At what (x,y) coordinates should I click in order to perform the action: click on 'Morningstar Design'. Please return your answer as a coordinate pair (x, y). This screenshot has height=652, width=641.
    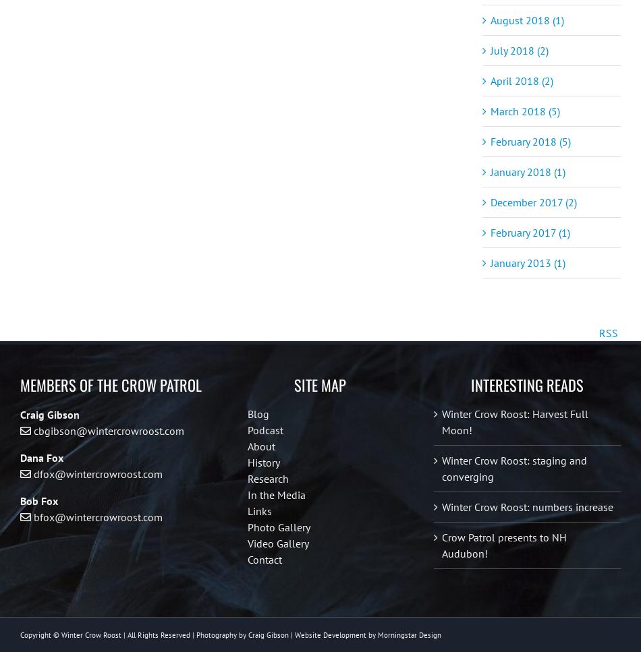
    Looking at the image, I should click on (409, 641).